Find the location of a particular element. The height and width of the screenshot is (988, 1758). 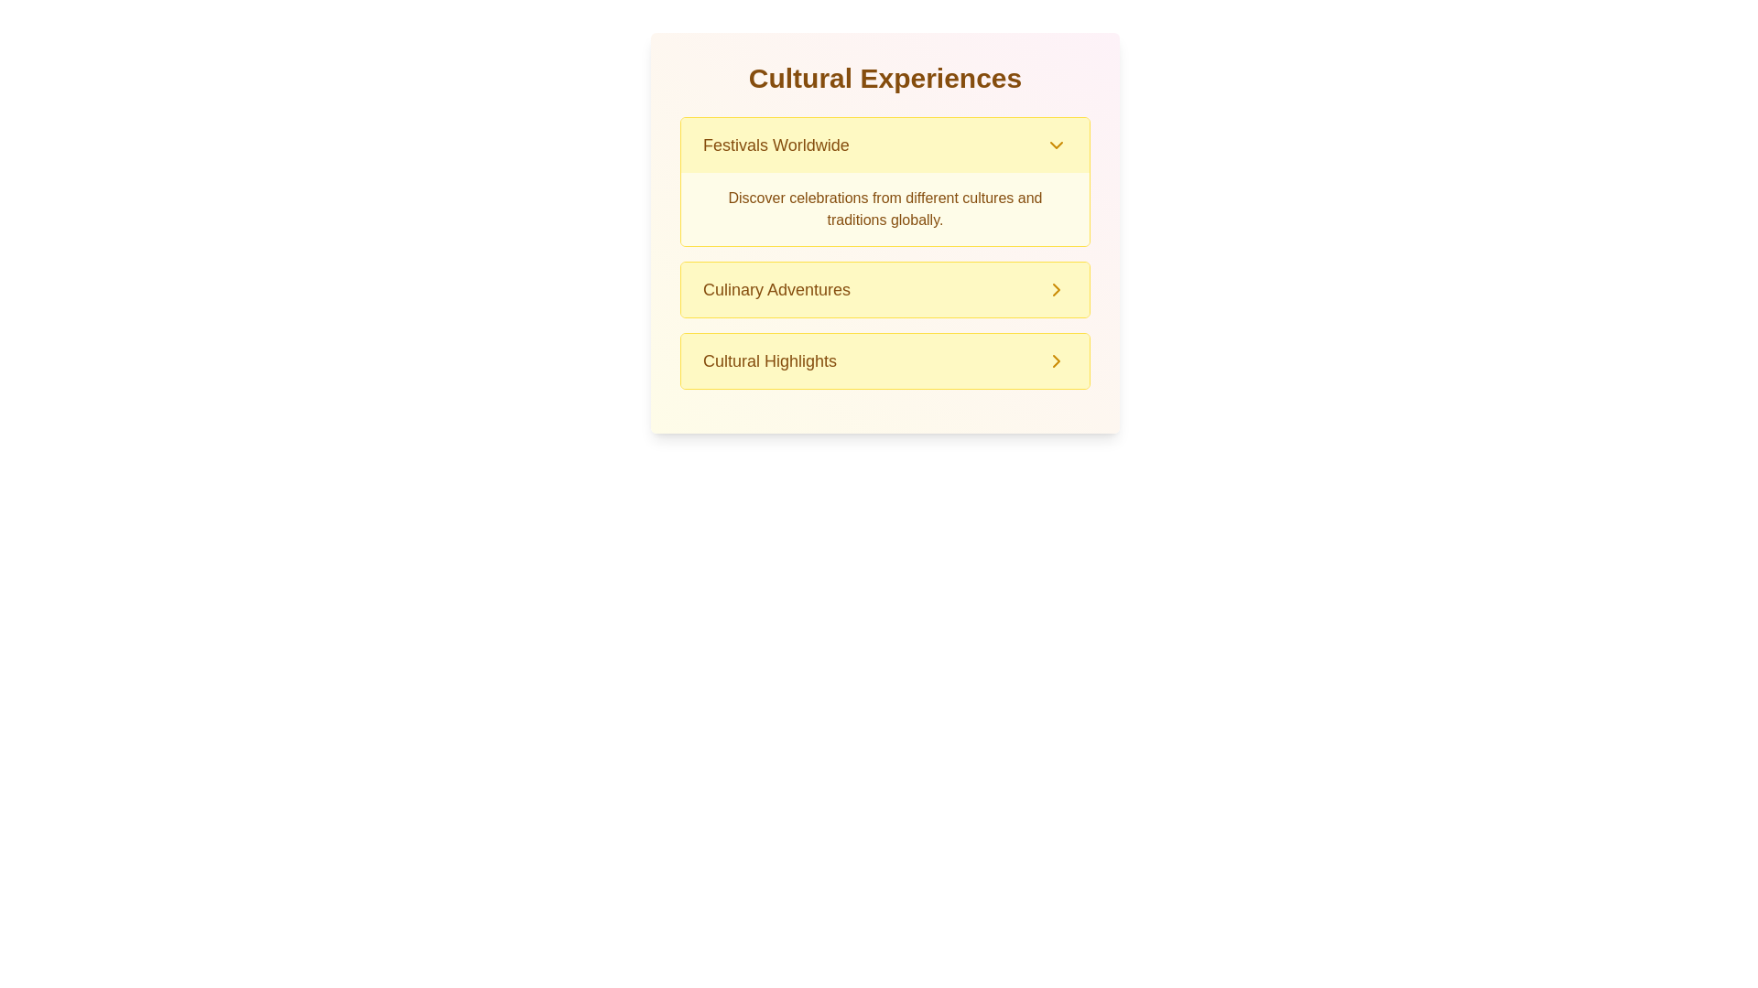

the selectable list item card labeled 'Culinary Adventures', which is the second card in the list is located at coordinates (884, 288).